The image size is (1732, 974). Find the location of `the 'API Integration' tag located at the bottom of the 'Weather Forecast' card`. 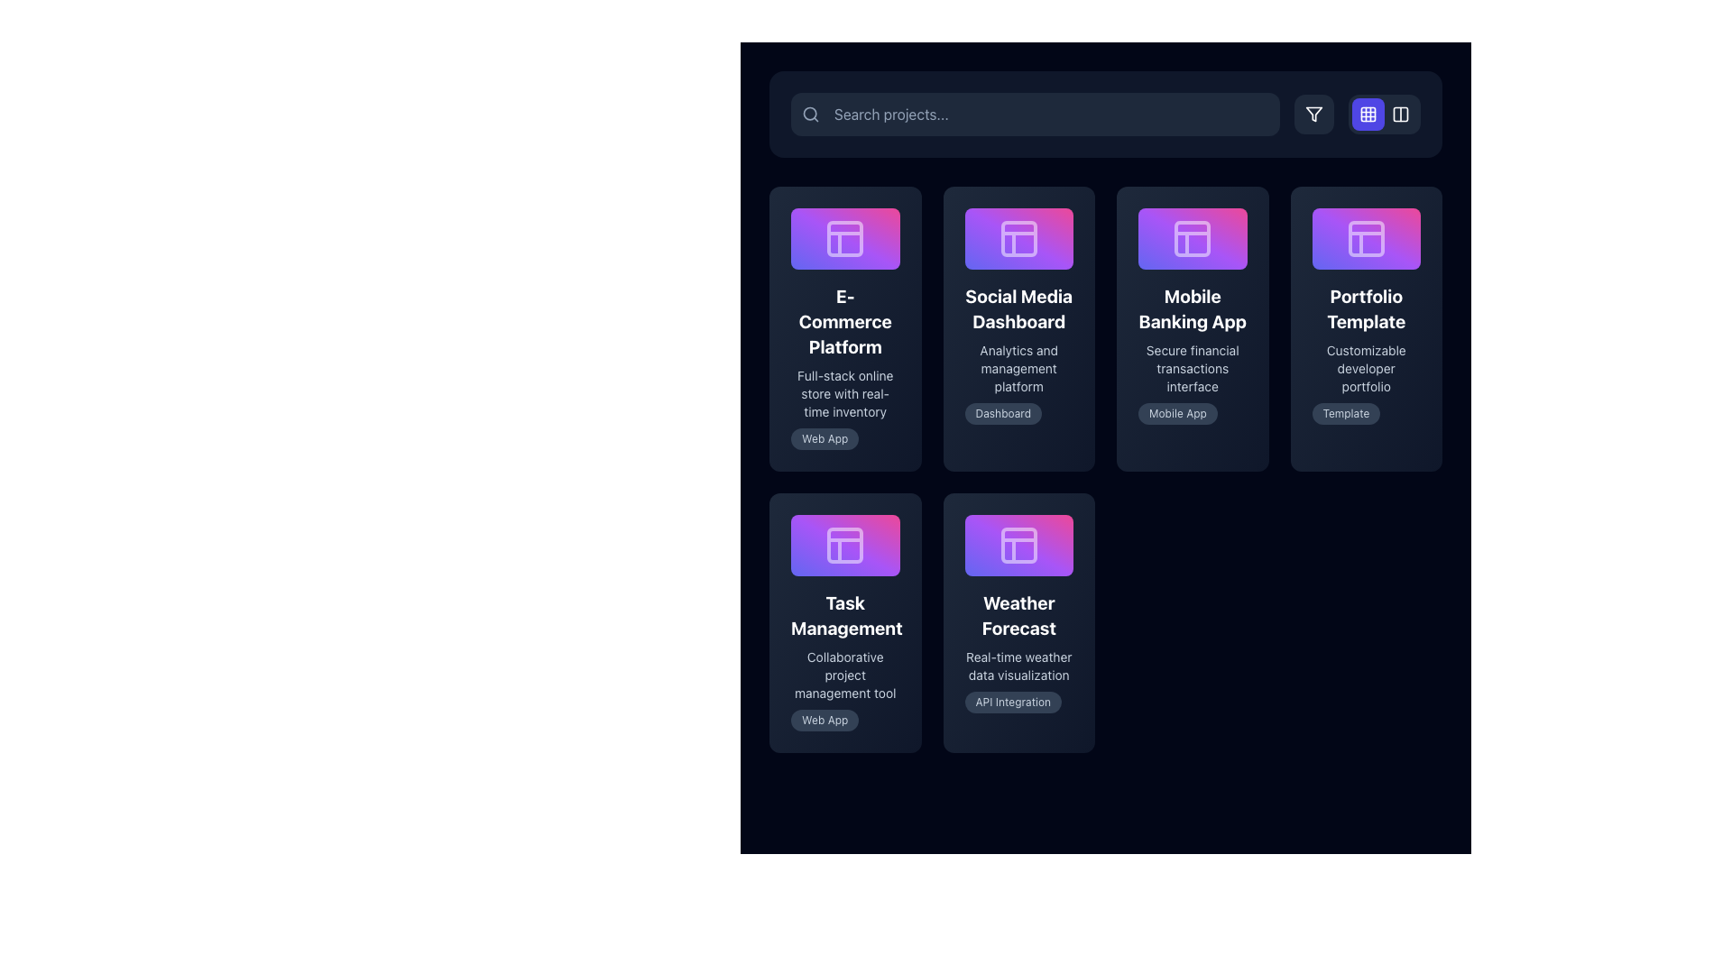

the 'API Integration' tag located at the bottom of the 'Weather Forecast' card is located at coordinates (1018, 701).